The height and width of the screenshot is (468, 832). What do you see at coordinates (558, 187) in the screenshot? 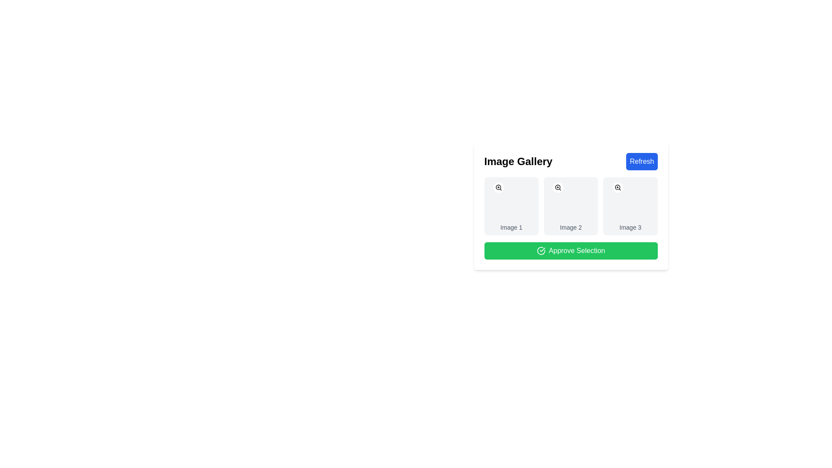
I see `the zoom-in button icon located at the top-left overlay of the second image in the image gallery` at bounding box center [558, 187].